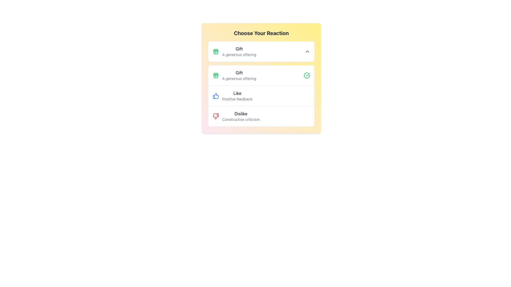 The height and width of the screenshot is (287, 511). What do you see at coordinates (261, 75) in the screenshot?
I see `the selectable list item labeled 'Gift' with a subtitle 'A generous offering'` at bounding box center [261, 75].